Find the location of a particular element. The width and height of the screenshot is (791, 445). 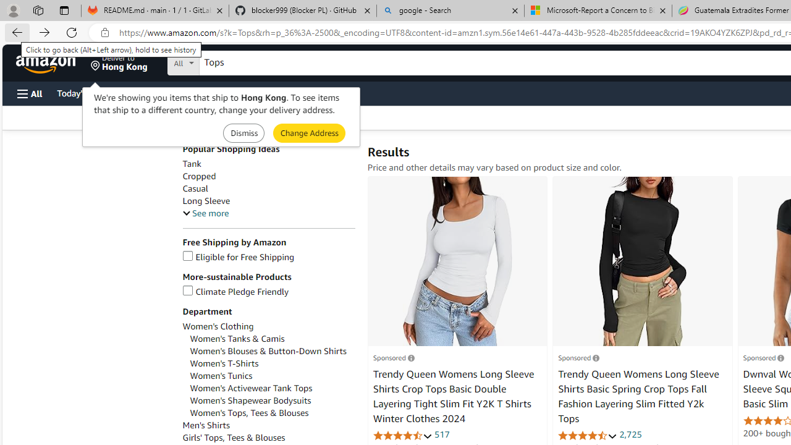

'Registry' is located at coordinates (222, 92).